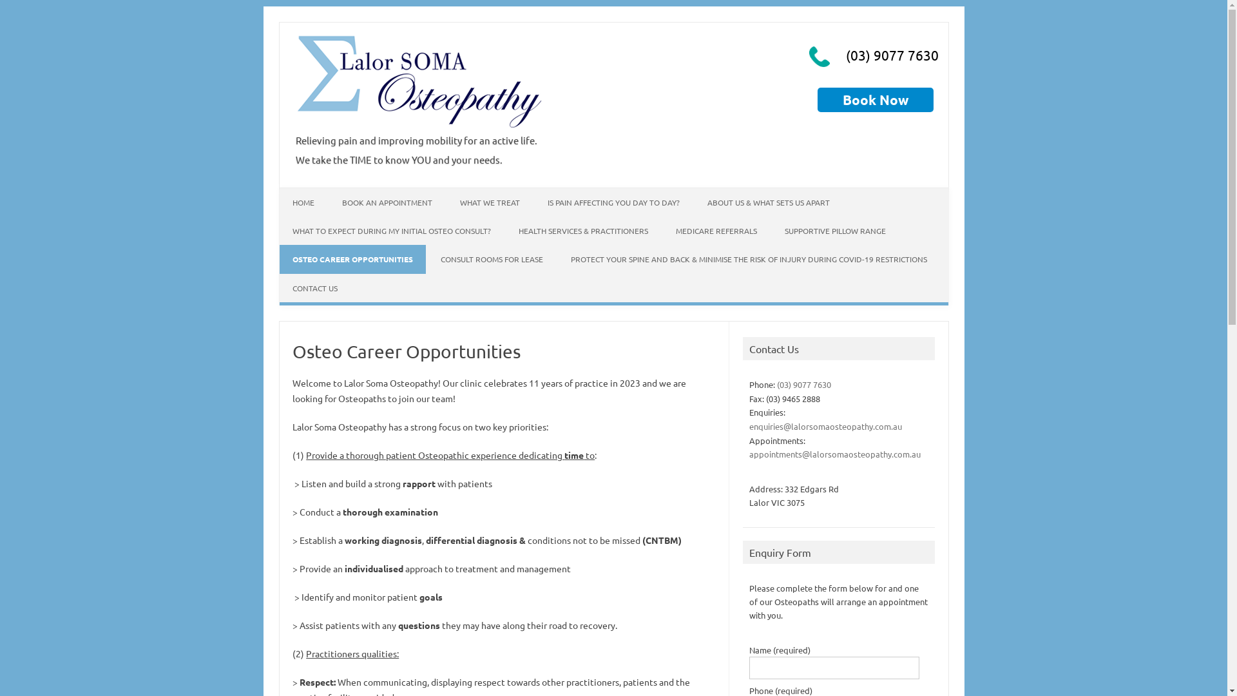 Image resolution: width=1237 pixels, height=696 pixels. Describe the element at coordinates (803, 383) in the screenshot. I see `'(03) 9077 7630'` at that location.